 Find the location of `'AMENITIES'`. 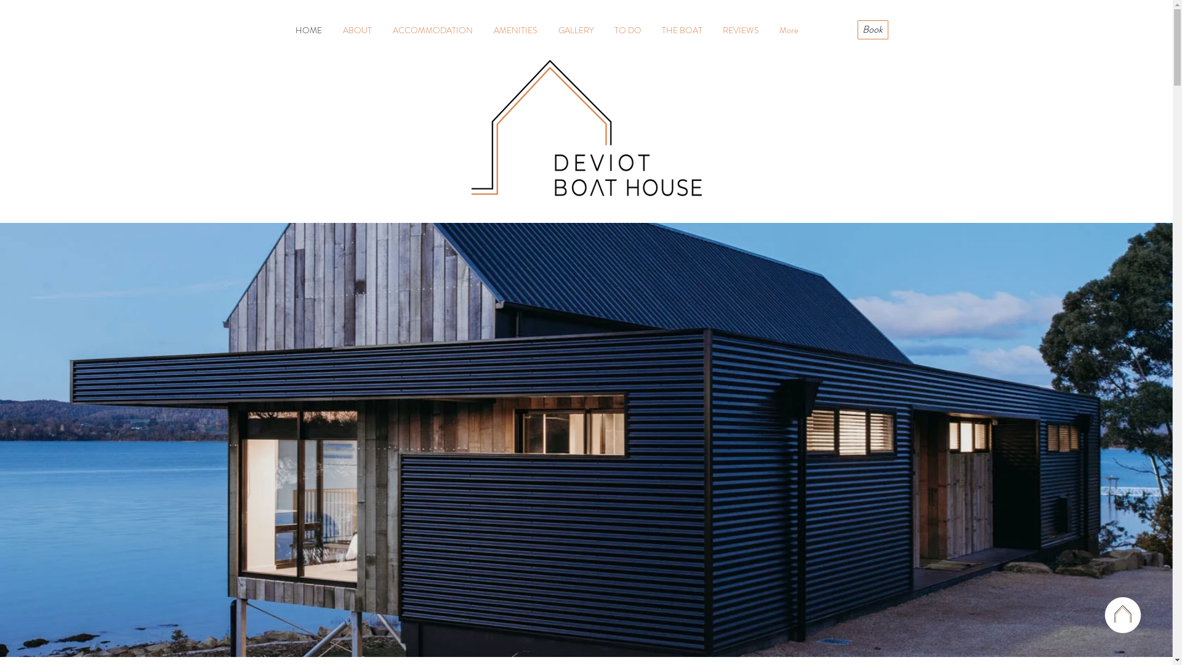

'AMENITIES' is located at coordinates (481, 30).